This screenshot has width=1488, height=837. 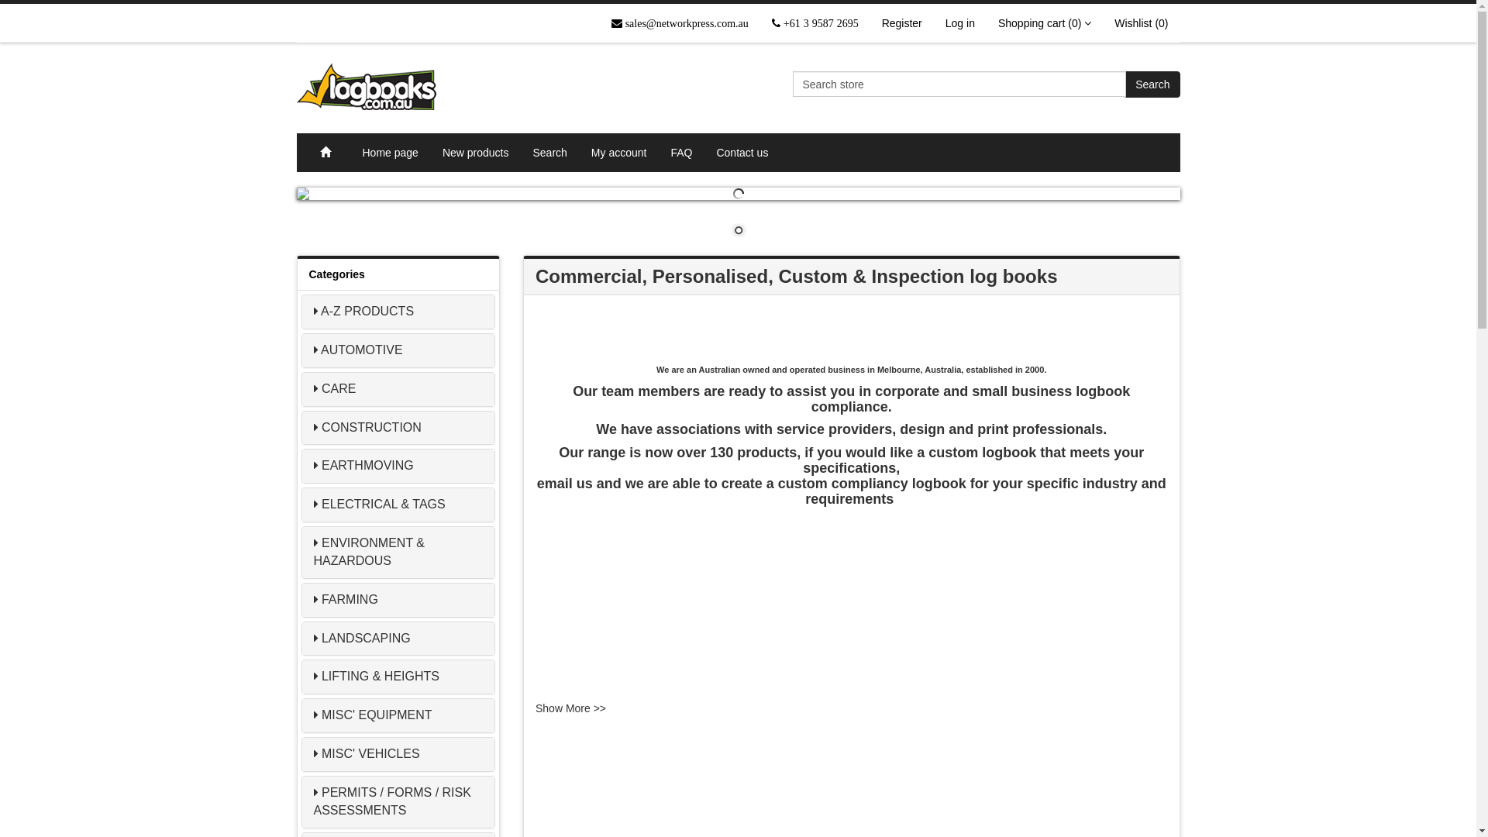 What do you see at coordinates (377, 715) in the screenshot?
I see `'MISC' EQUIPMENT'` at bounding box center [377, 715].